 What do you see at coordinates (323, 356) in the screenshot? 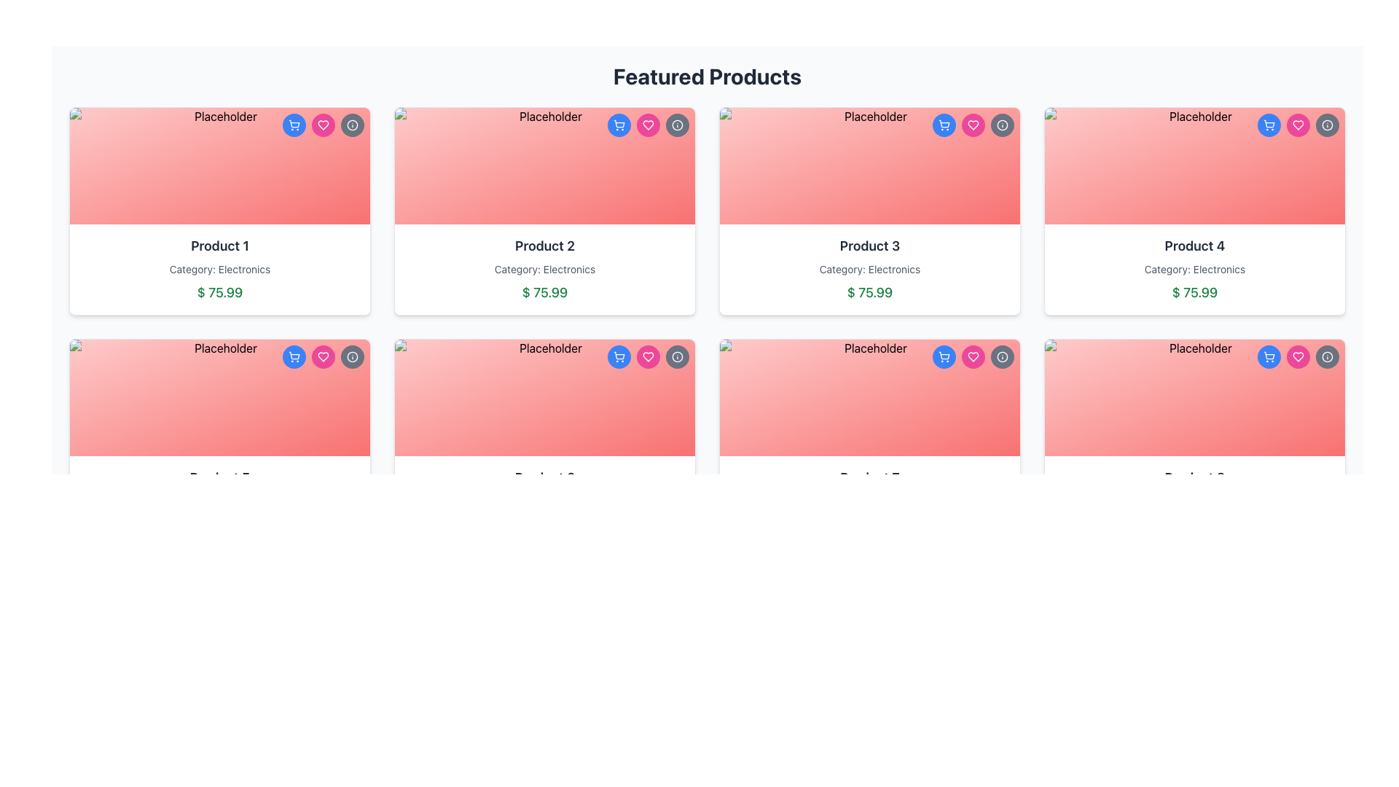
I see `the heart icon button located in the top-right corner of the 'Product 5' card to favorite the item` at bounding box center [323, 356].